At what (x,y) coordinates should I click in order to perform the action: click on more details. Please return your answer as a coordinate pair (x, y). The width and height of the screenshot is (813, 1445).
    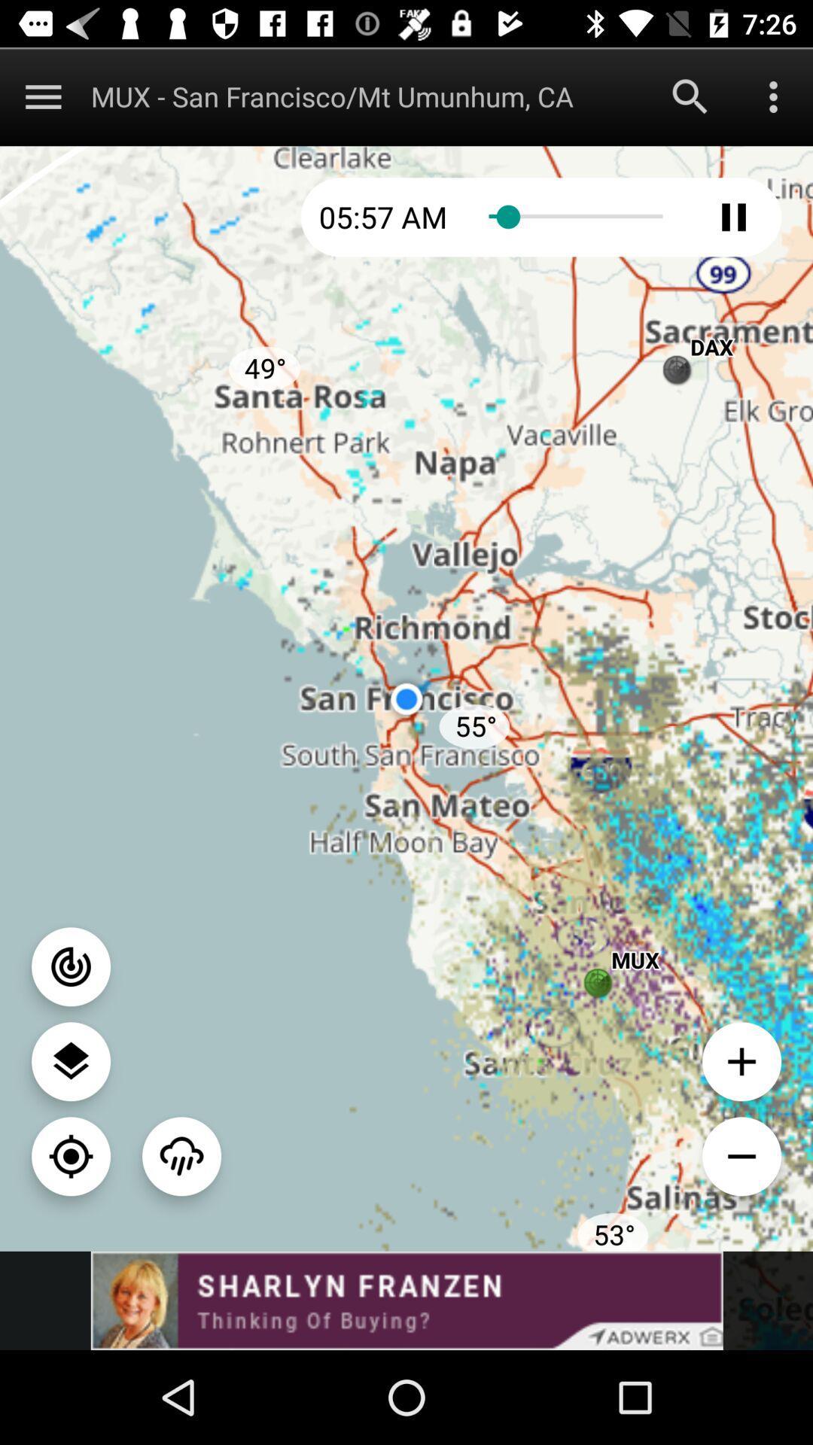
    Looking at the image, I should click on (773, 96).